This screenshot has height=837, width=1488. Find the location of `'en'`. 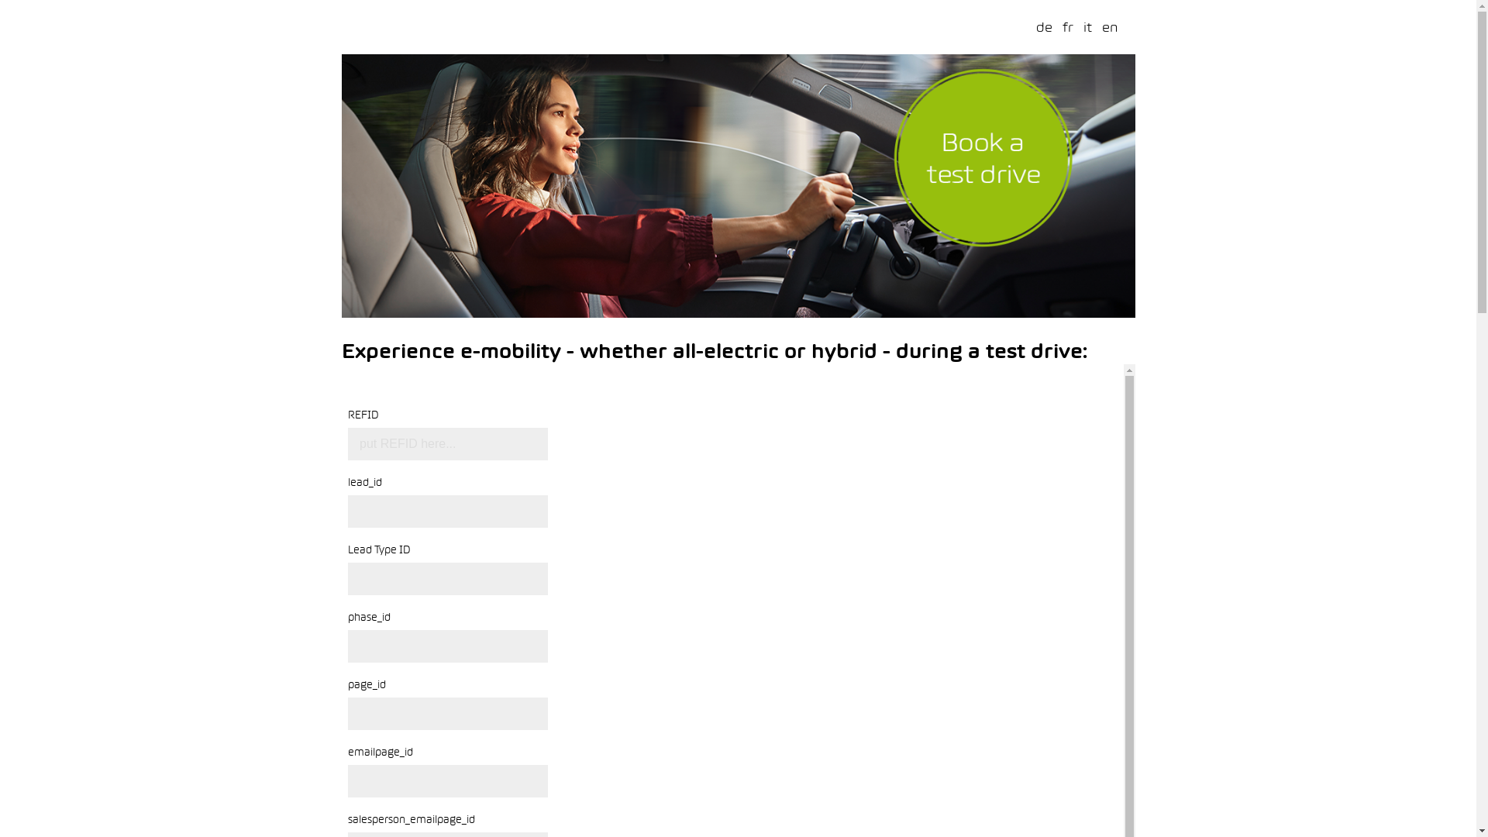

'en' is located at coordinates (1109, 26).